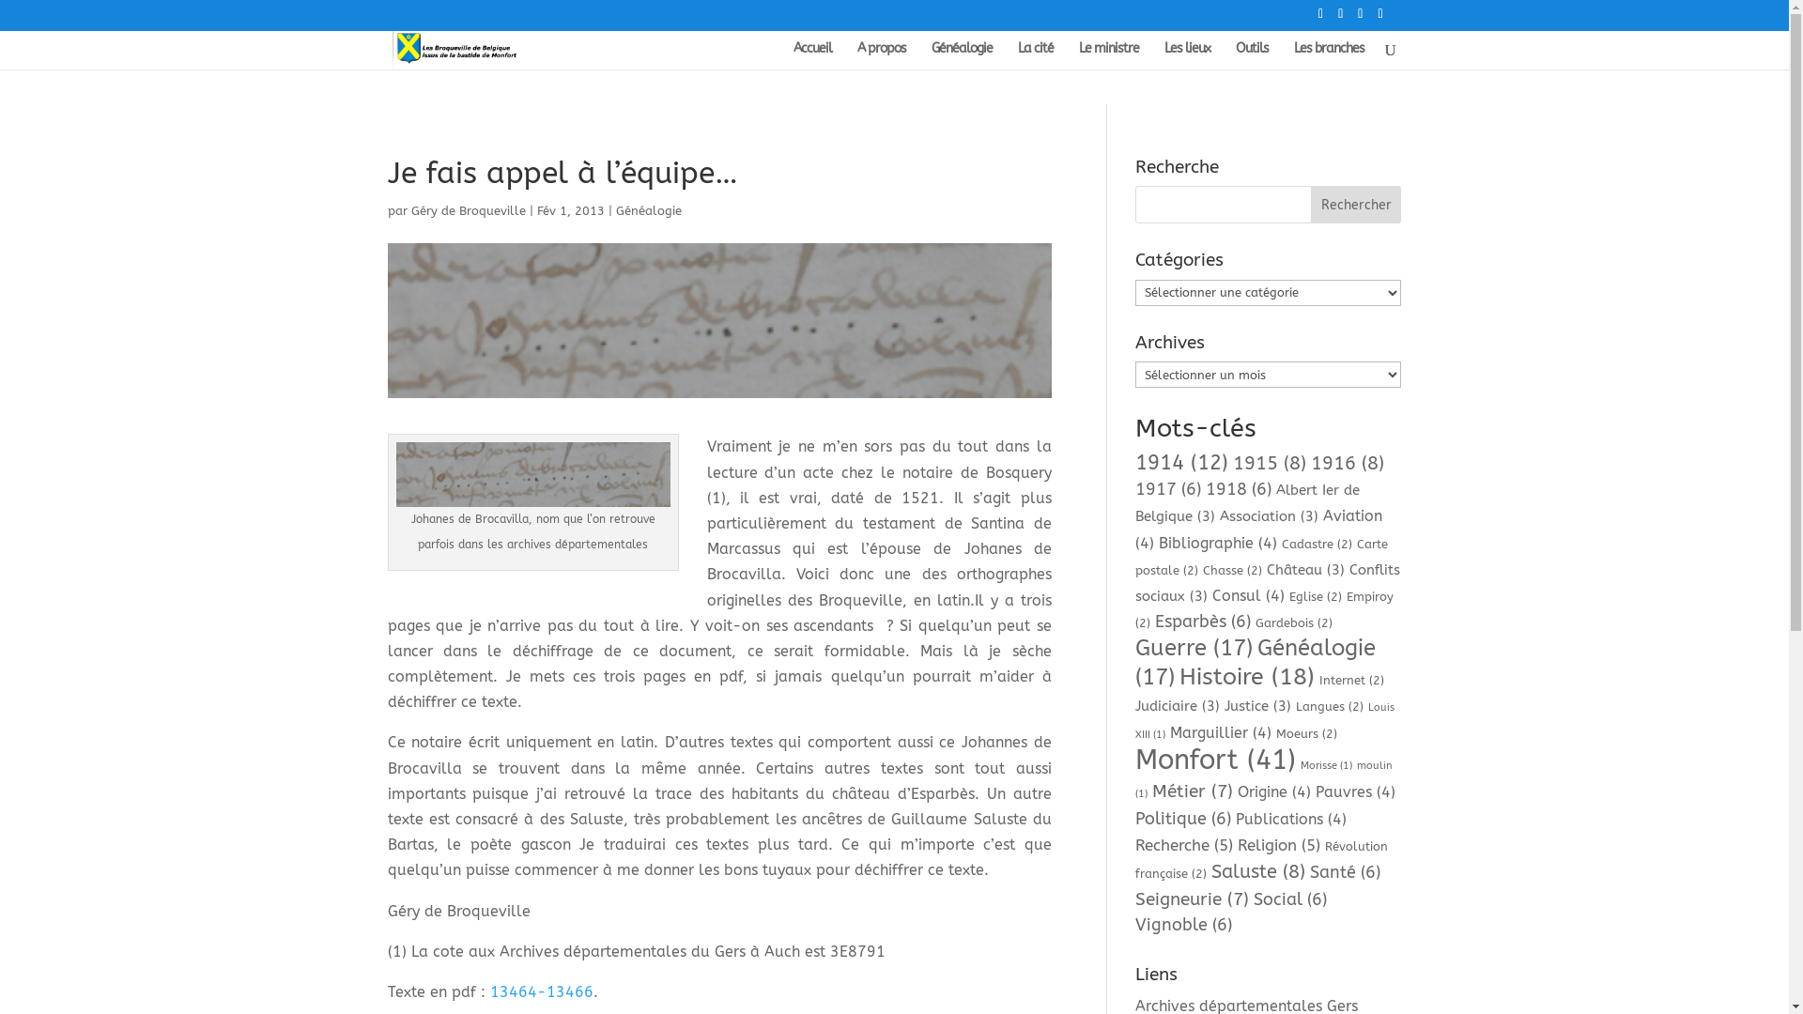  Describe the element at coordinates (1193, 647) in the screenshot. I see `'Guerre (17)'` at that location.